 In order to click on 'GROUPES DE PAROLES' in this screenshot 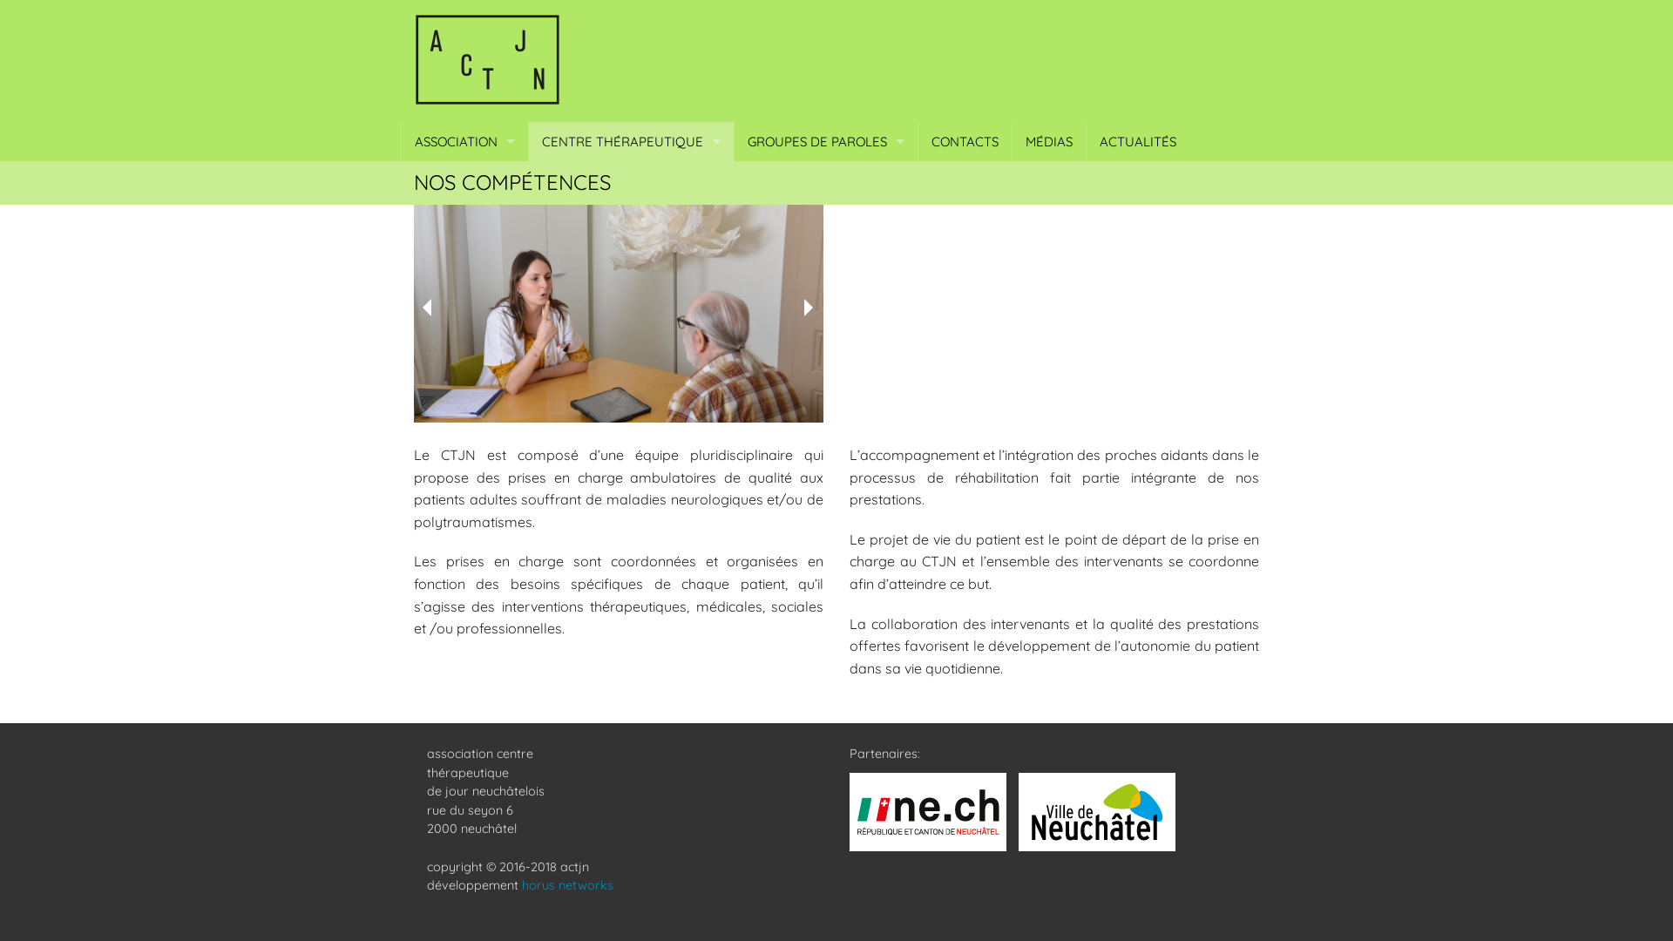, I will do `click(735, 140)`.